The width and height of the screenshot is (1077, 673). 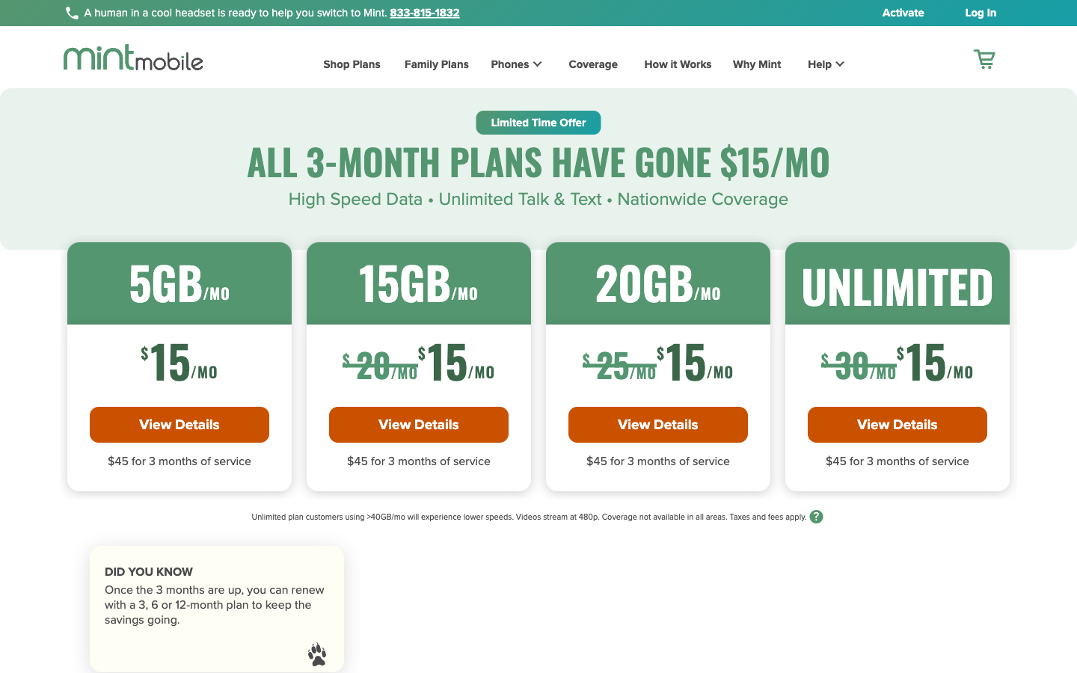 What do you see at coordinates (816, 66) in the screenshot?
I see `Go to the Help Page` at bounding box center [816, 66].